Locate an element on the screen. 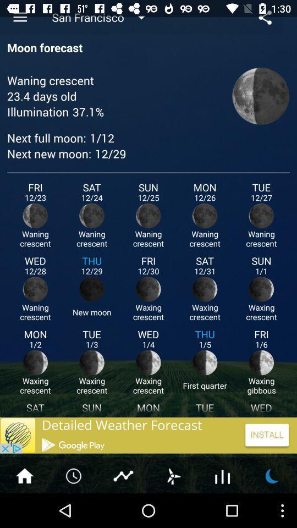 Image resolution: width=297 pixels, height=528 pixels. the weather icon is located at coordinates (272, 509).